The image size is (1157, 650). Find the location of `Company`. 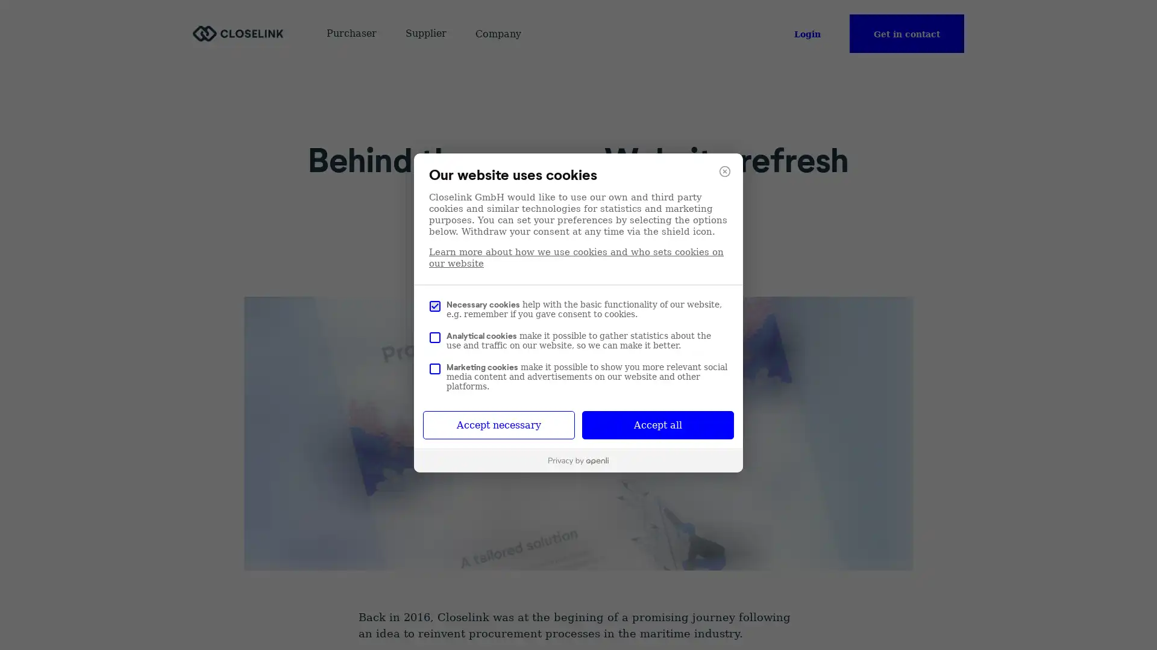

Company is located at coordinates (485, 33).